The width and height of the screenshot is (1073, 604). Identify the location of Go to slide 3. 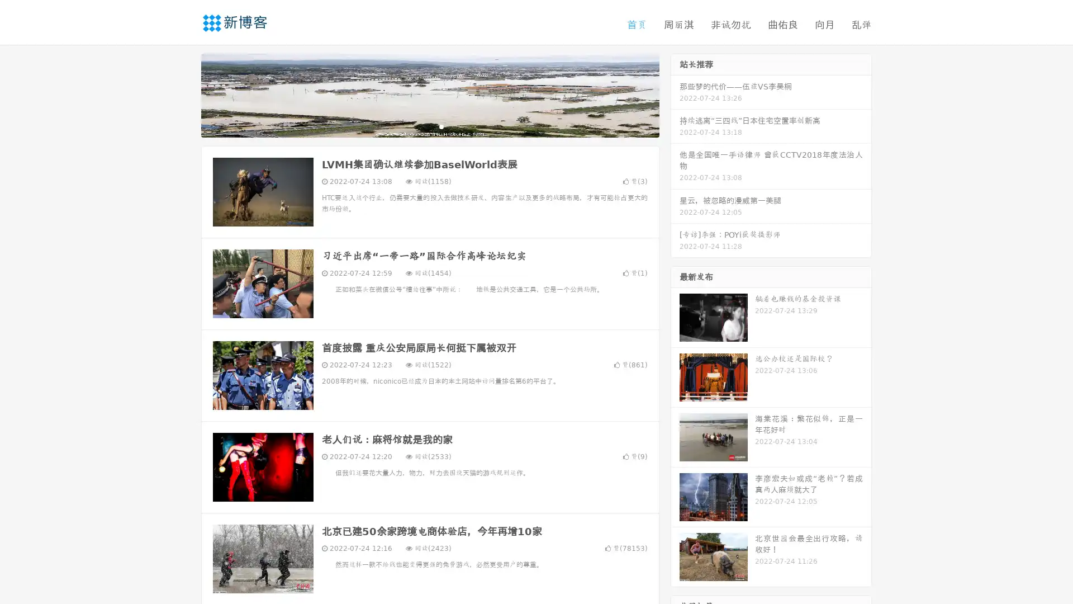
(441, 126).